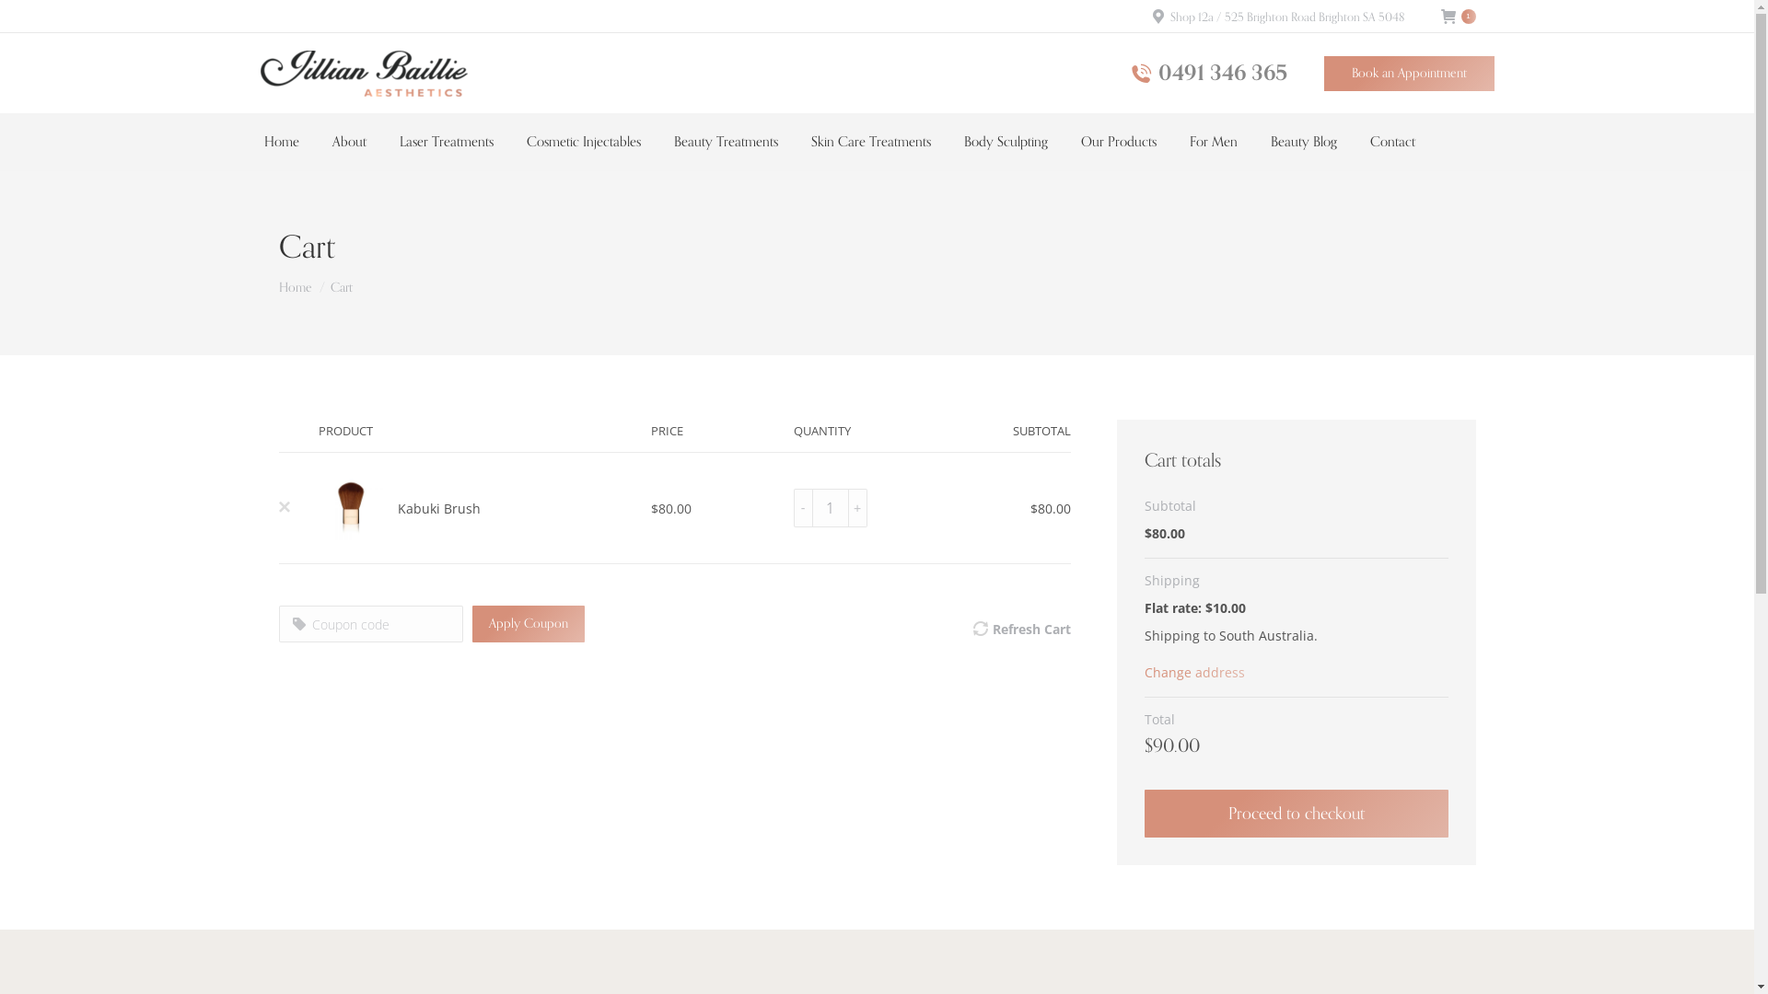  What do you see at coordinates (830, 507) in the screenshot?
I see `'Qty'` at bounding box center [830, 507].